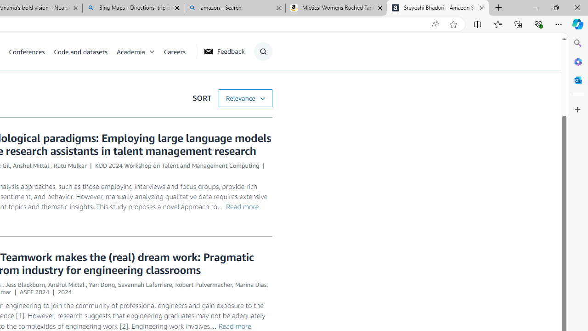 Image resolution: width=588 pixels, height=331 pixels. What do you see at coordinates (179, 51) in the screenshot?
I see `'Careers'` at bounding box center [179, 51].